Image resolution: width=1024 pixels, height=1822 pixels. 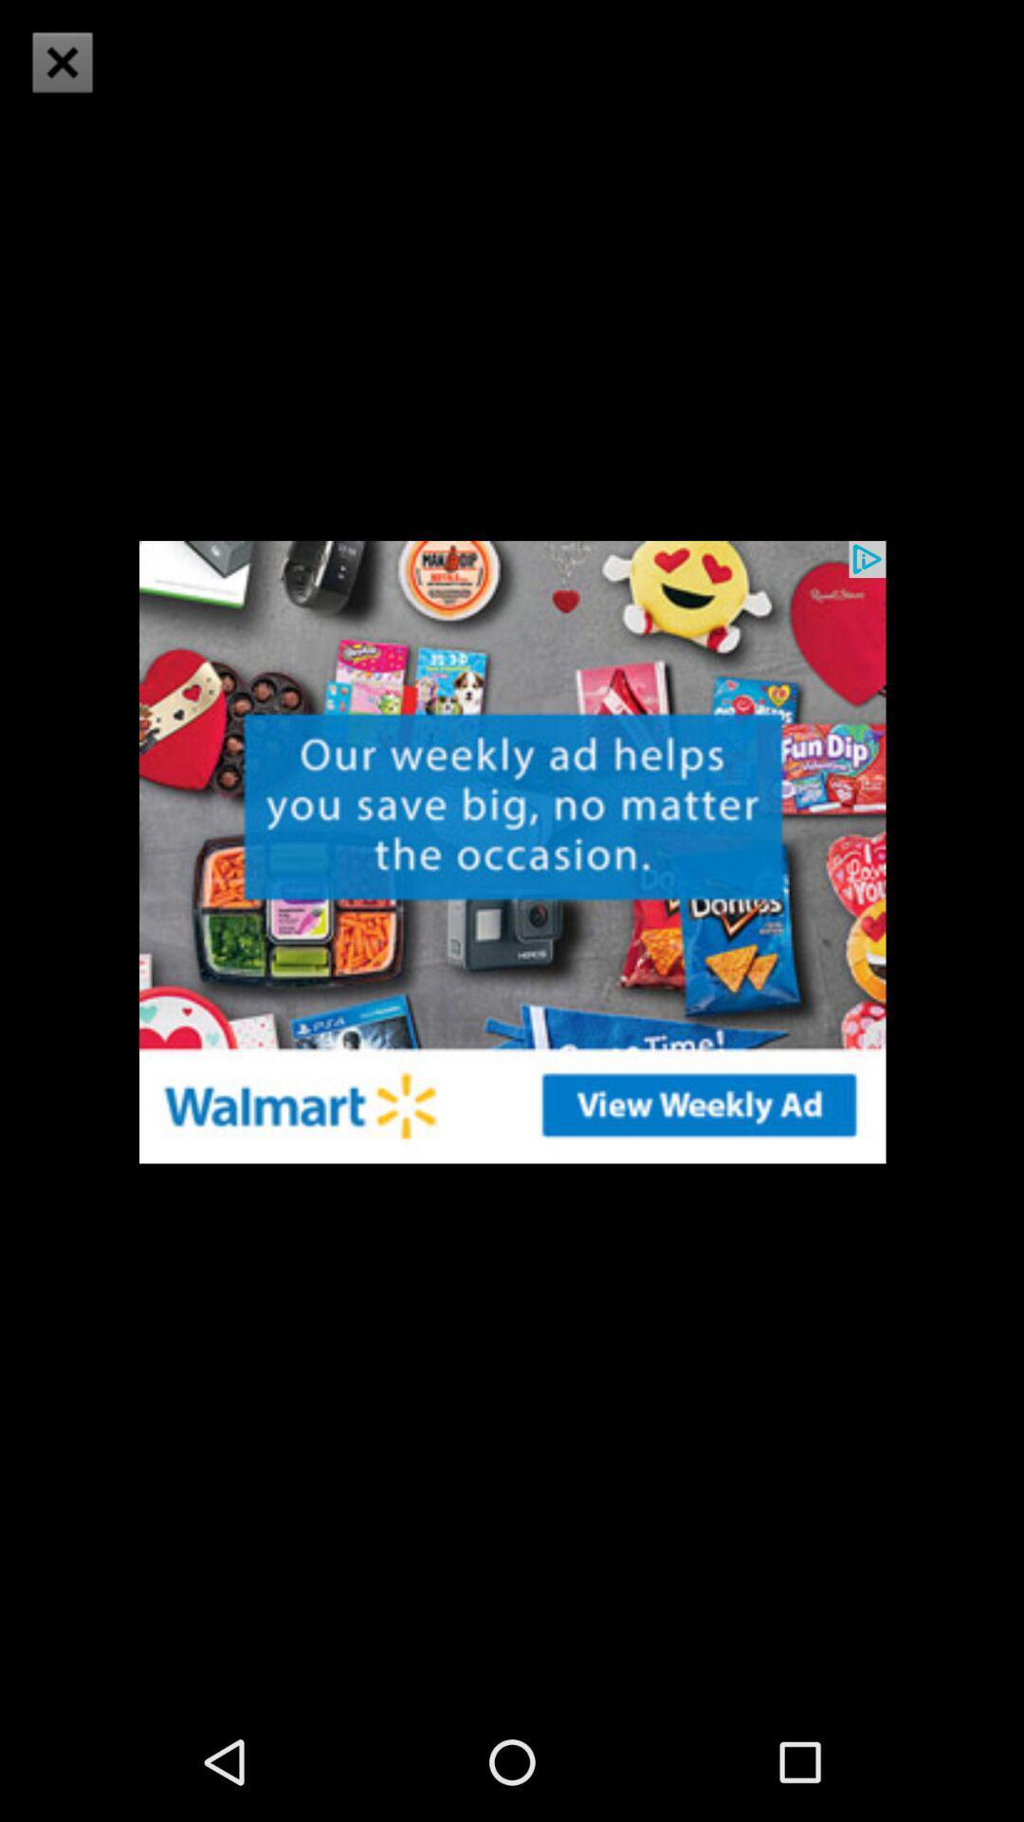 What do you see at coordinates (61, 66) in the screenshot?
I see `the close icon` at bounding box center [61, 66].